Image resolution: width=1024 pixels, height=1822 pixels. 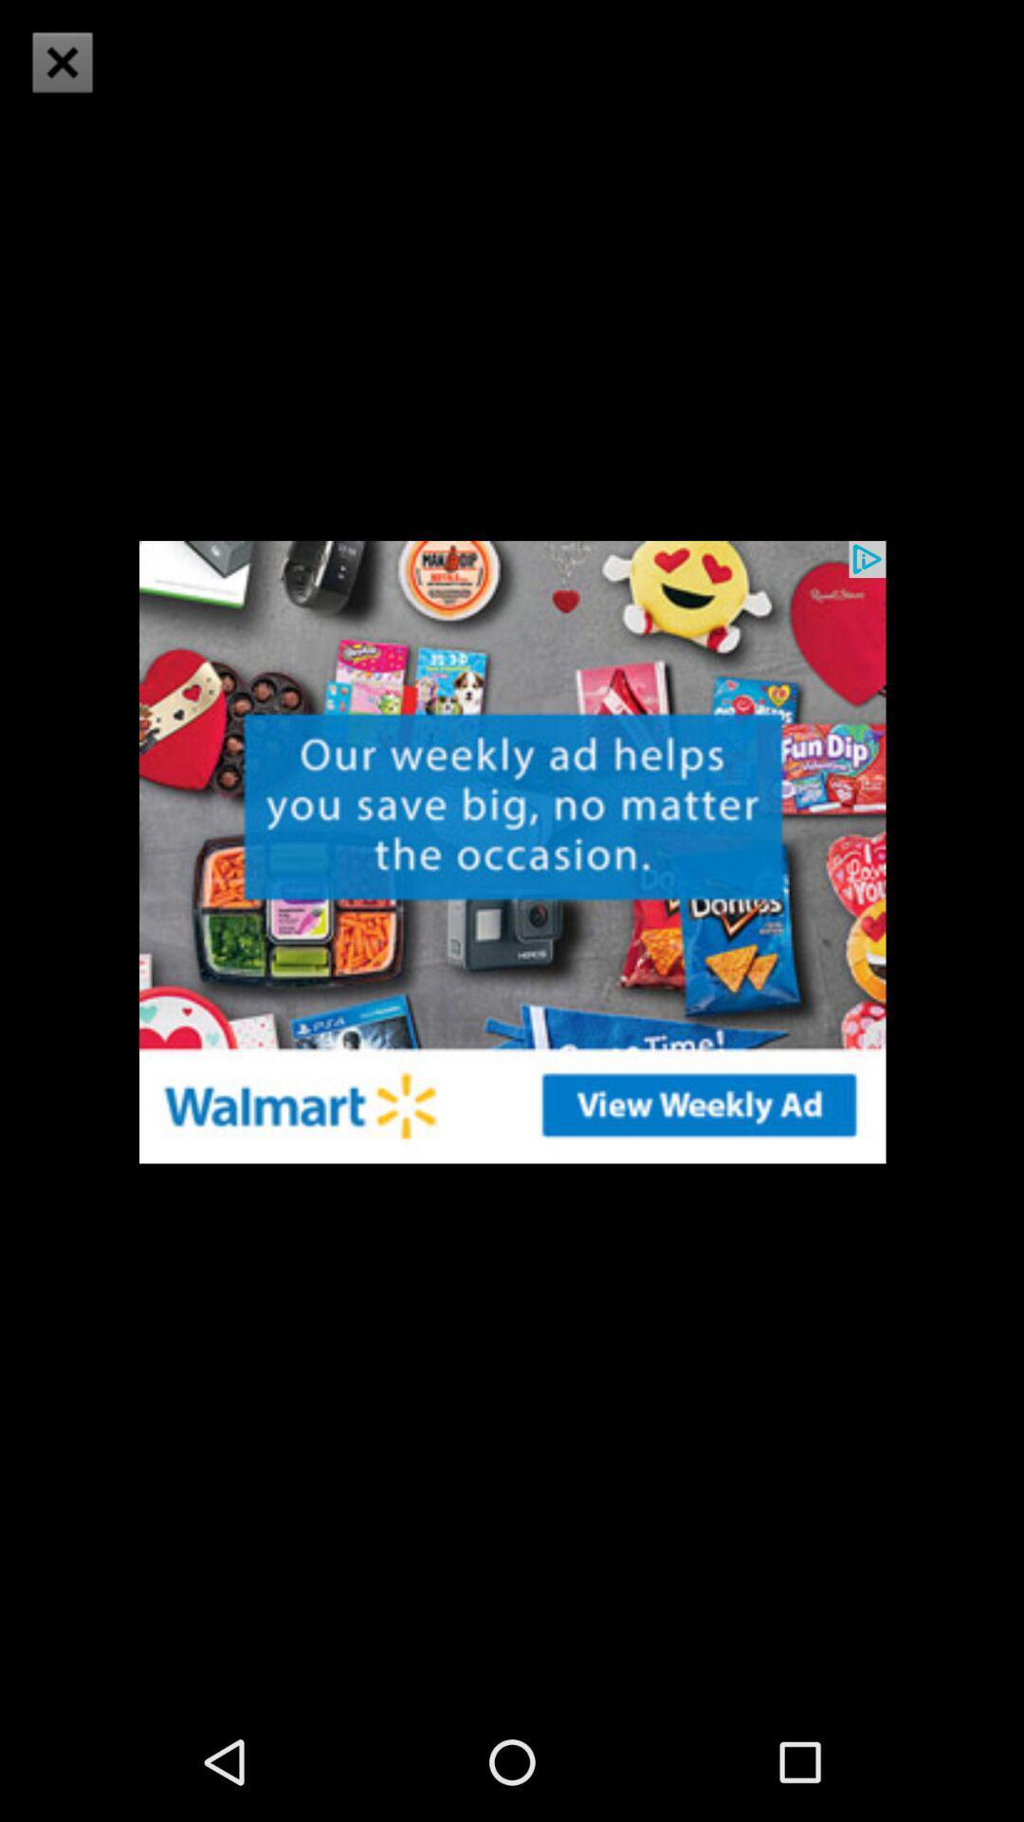 What do you see at coordinates (61, 66) in the screenshot?
I see `the close icon` at bounding box center [61, 66].